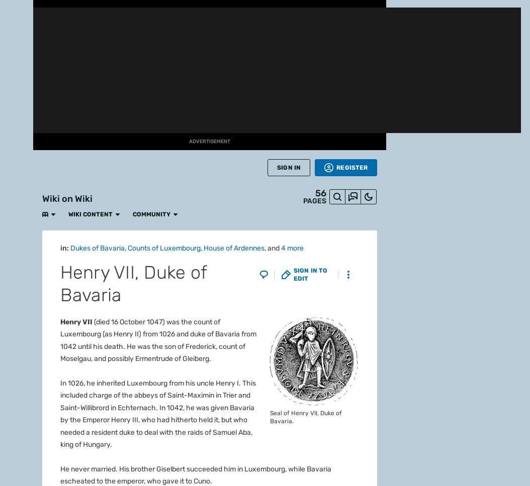 The image size is (530, 486). What do you see at coordinates (86, 37) in the screenshot?
I see `'Fan Feed'` at bounding box center [86, 37].